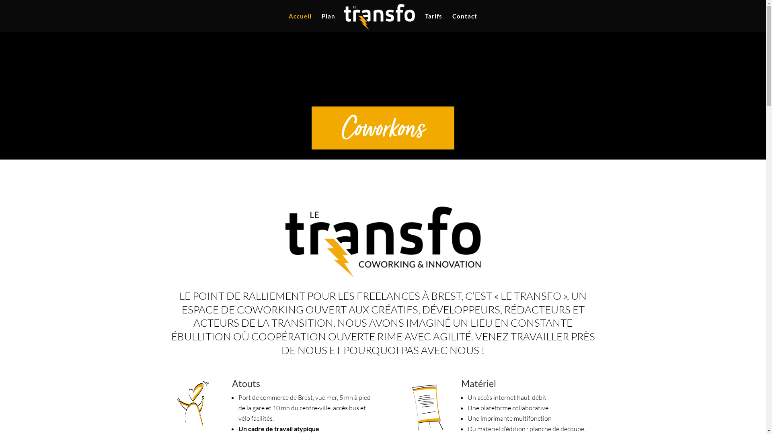 The image size is (772, 434). I want to click on 'Accueil', so click(300, 22).